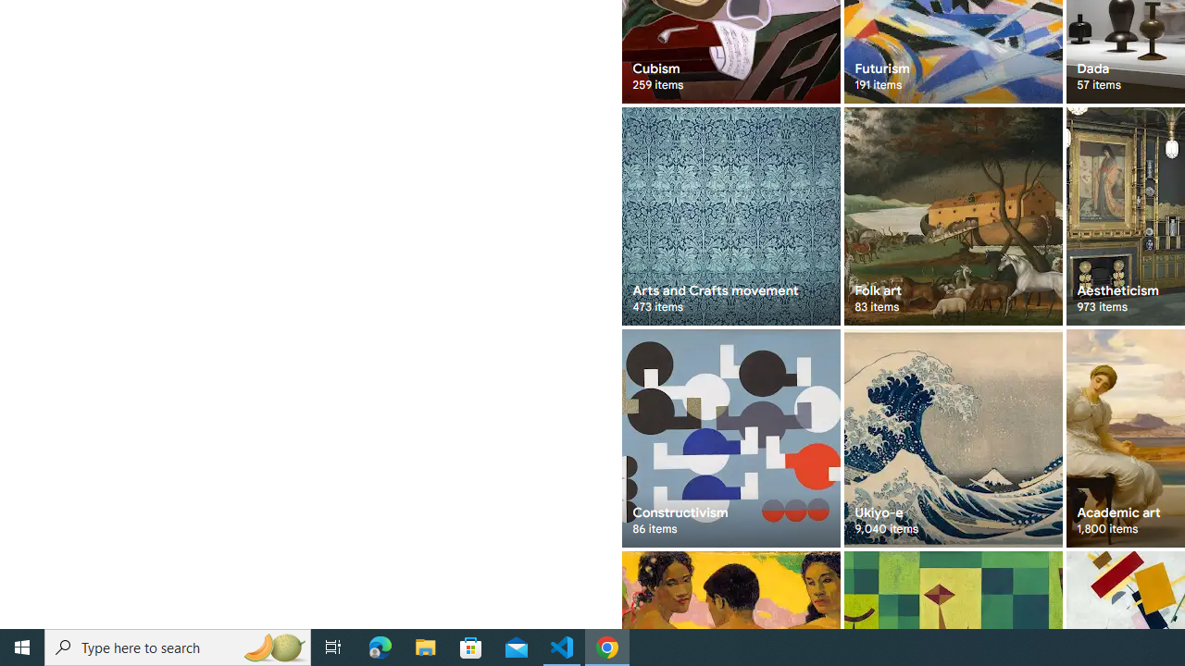 This screenshot has height=666, width=1185. What do you see at coordinates (953, 438) in the screenshot?
I see `'Ukiyo-e 9,040 items'` at bounding box center [953, 438].